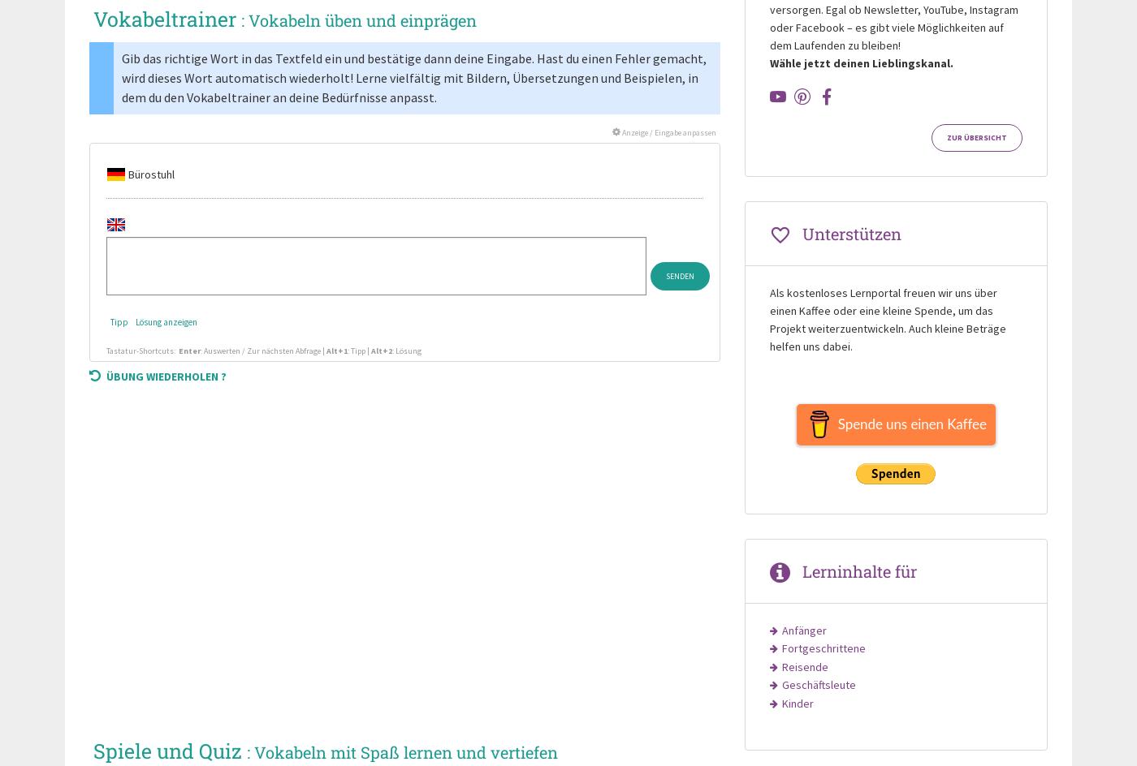  Describe the element at coordinates (166, 750) in the screenshot. I see `'Spiele und Quiz'` at that location.